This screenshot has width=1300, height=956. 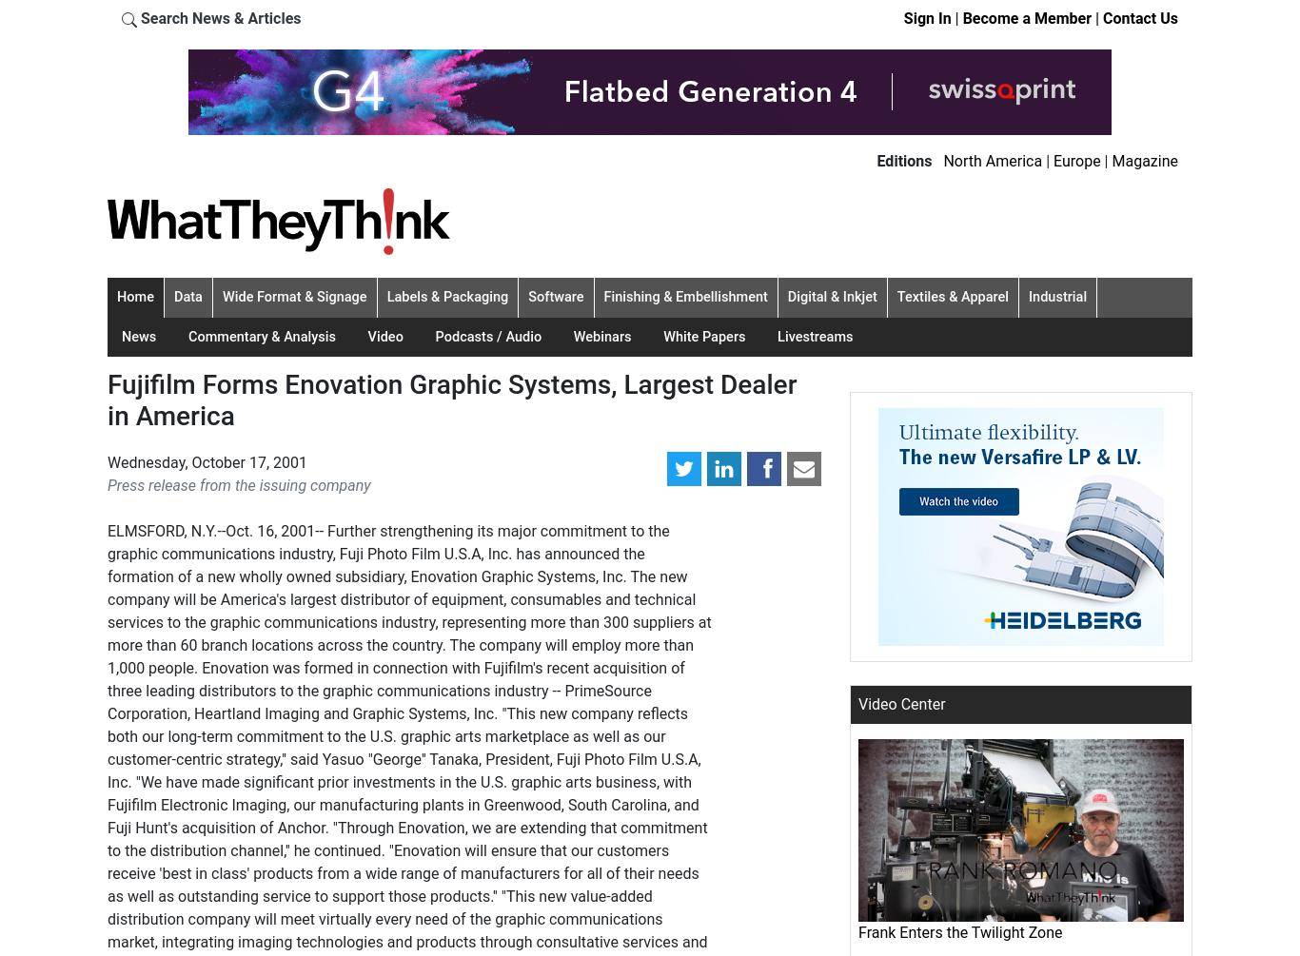 What do you see at coordinates (943, 160) in the screenshot?
I see `'North America'` at bounding box center [943, 160].